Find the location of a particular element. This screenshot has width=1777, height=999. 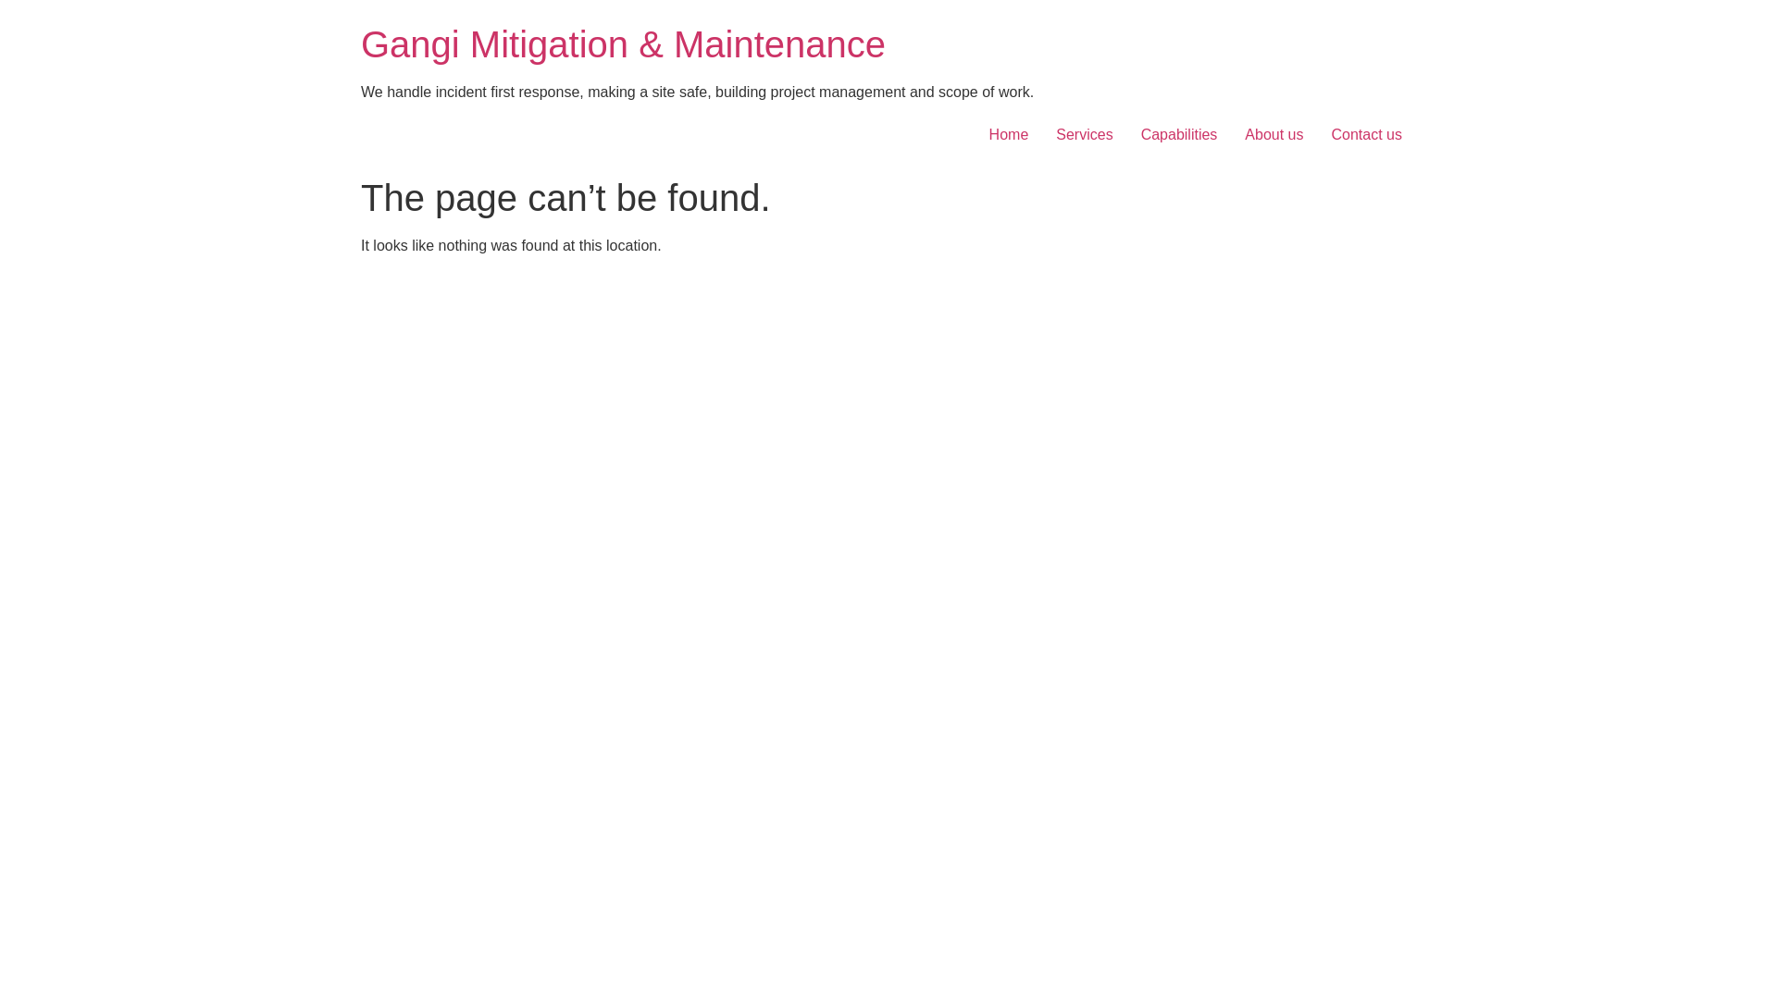

'Capabilities' is located at coordinates (1126, 134).